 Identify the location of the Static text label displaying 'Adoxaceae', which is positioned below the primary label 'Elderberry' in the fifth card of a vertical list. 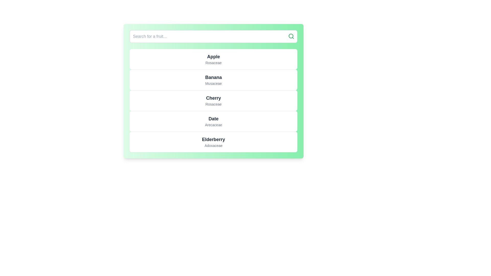
(214, 146).